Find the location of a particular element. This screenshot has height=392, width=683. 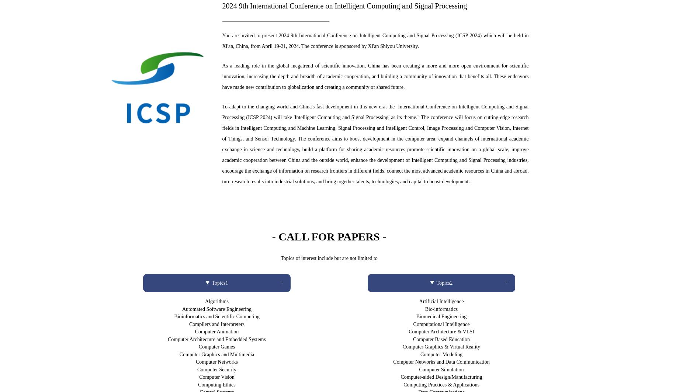

'Computer Graphics & Virtual Reality' is located at coordinates (441, 346).